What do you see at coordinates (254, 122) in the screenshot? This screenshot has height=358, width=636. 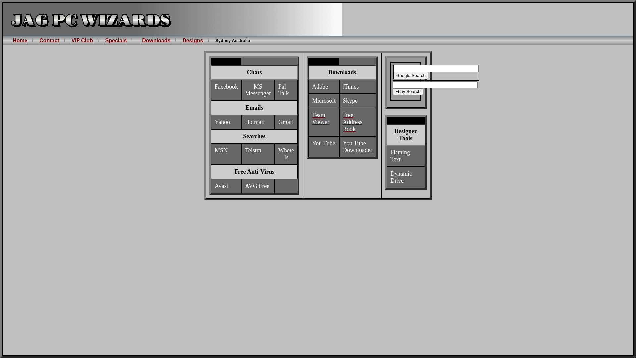 I see `'Hotmail'` at bounding box center [254, 122].